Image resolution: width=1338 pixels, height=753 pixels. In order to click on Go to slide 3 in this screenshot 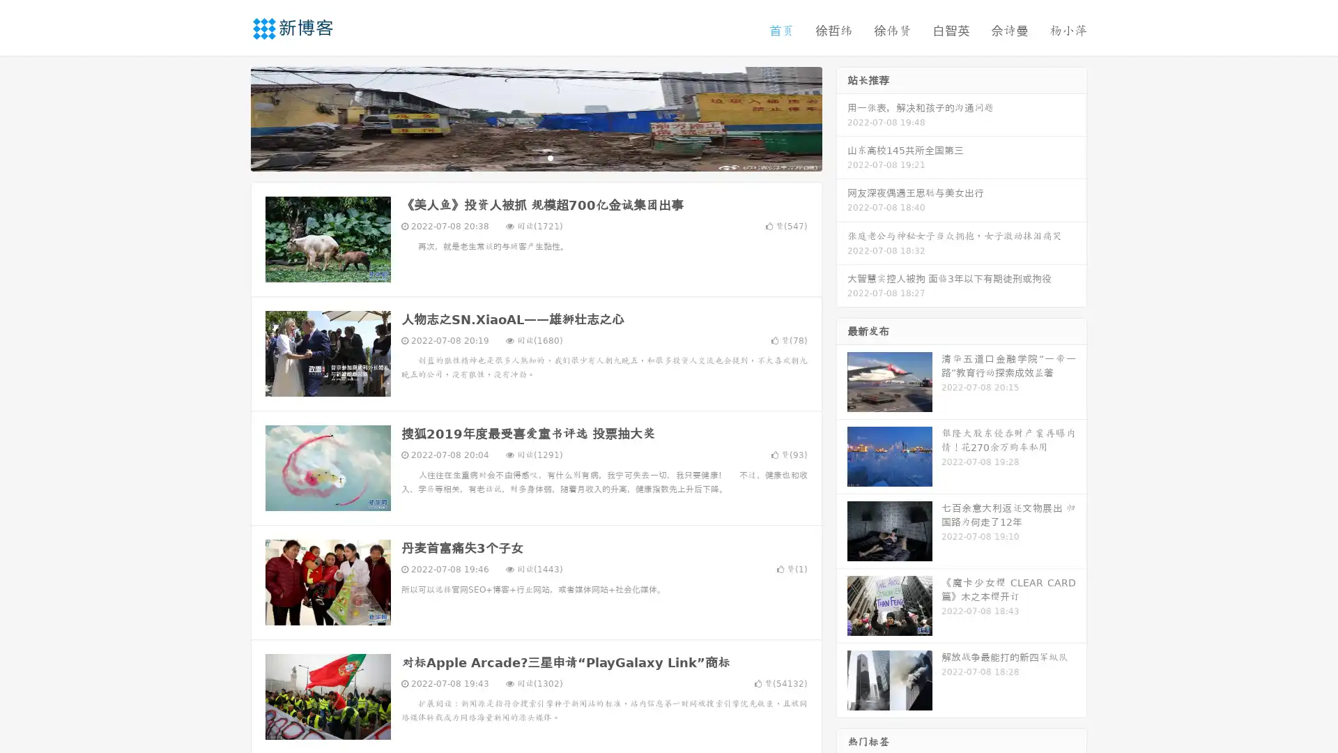, I will do `click(550, 157)`.